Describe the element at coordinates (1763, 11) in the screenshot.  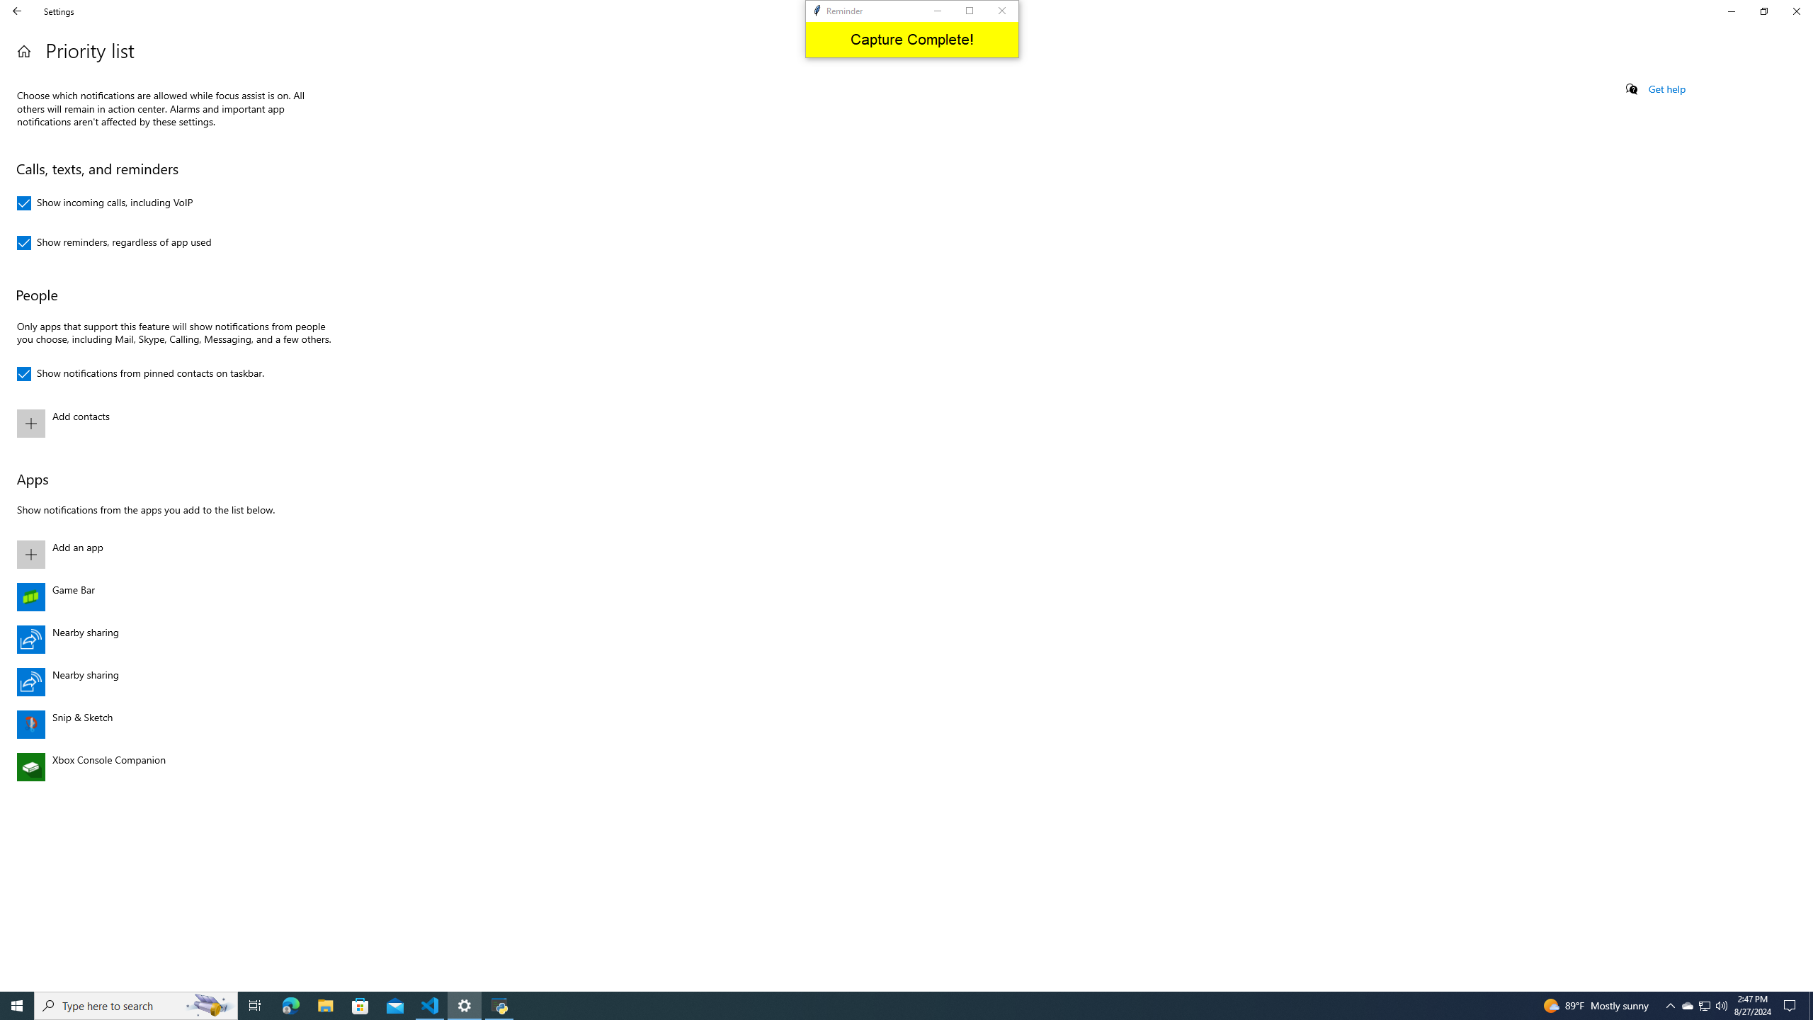
I see `'Restore Settings'` at that location.